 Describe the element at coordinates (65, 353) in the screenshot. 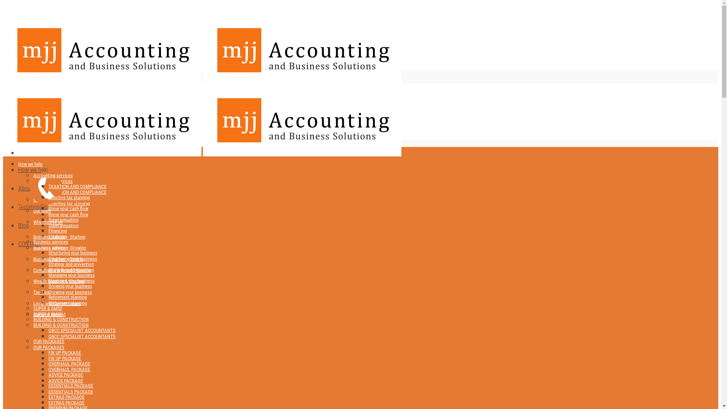

I see `'FIX UP PACKAGE'` at that location.